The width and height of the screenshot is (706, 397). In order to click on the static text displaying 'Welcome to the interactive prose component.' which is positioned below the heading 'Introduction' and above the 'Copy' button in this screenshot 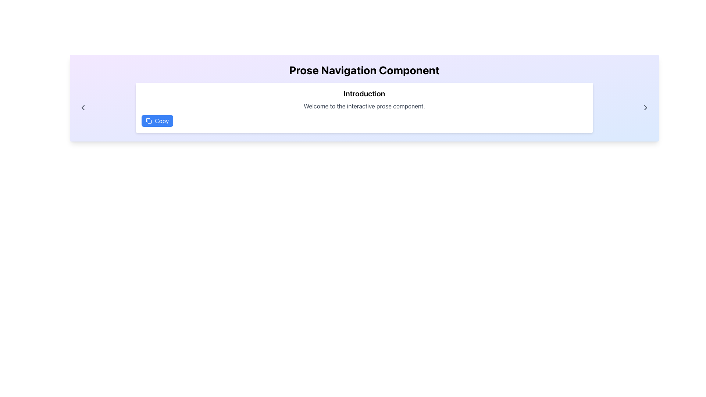, I will do `click(364, 106)`.